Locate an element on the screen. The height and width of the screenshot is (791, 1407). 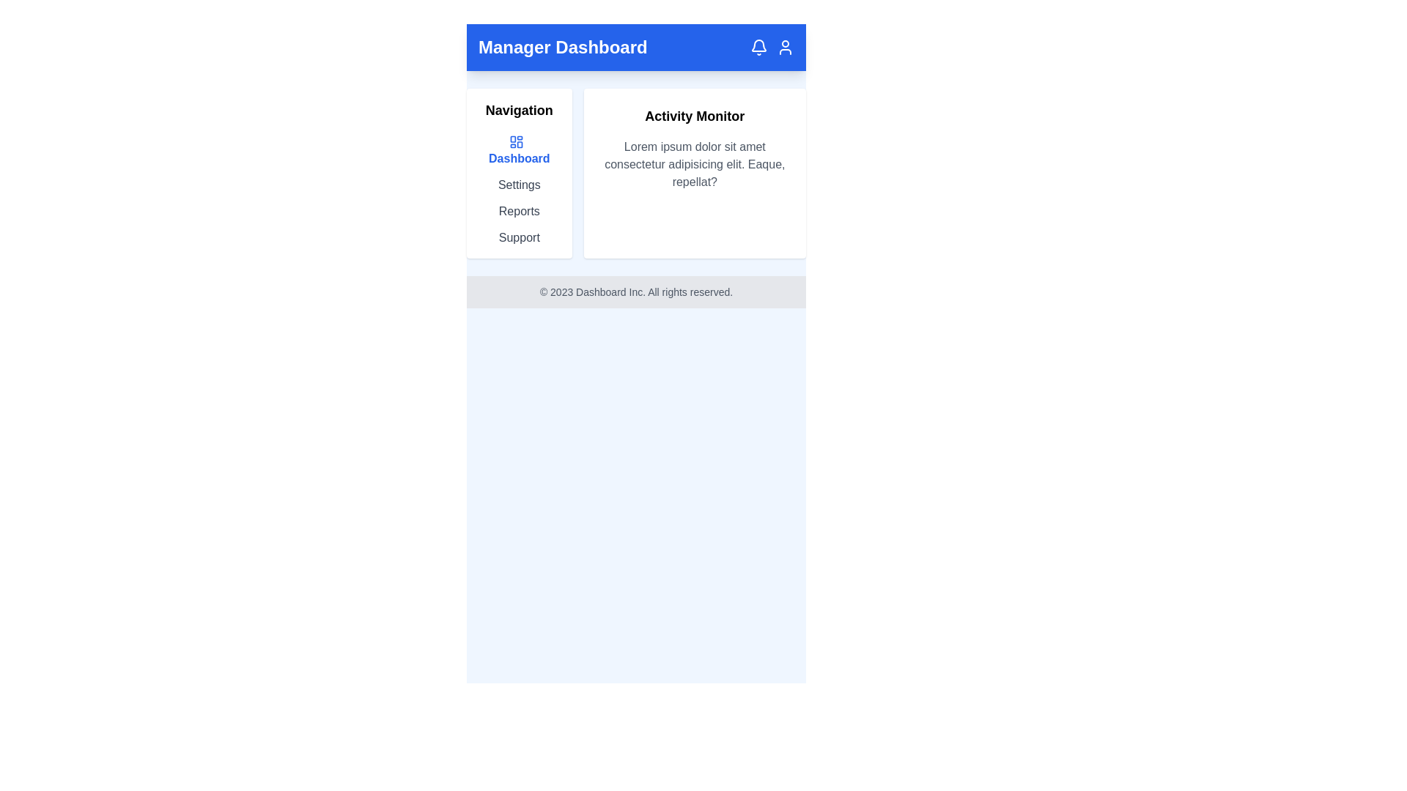
the static text header or banner at the top of the application interface, which indicates the current context or main title is located at coordinates (636, 47).